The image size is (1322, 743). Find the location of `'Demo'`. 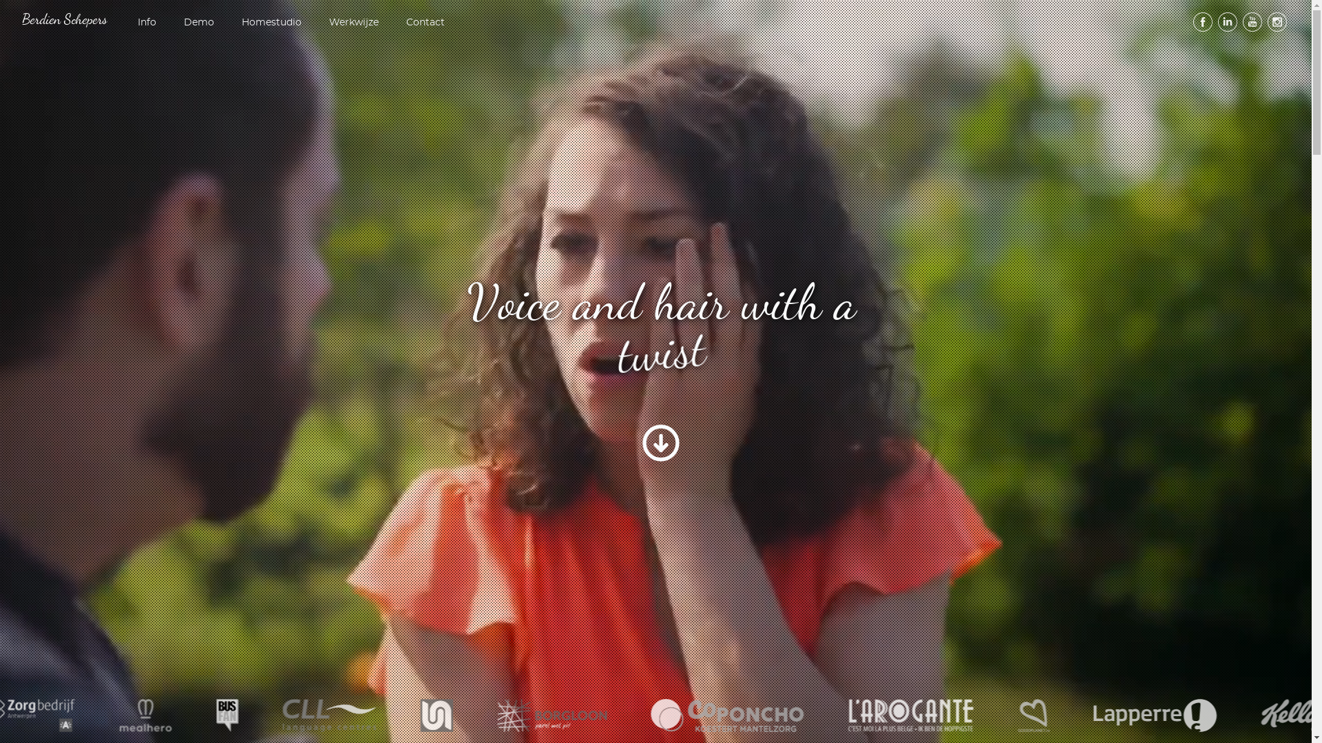

'Demo' is located at coordinates (198, 21).